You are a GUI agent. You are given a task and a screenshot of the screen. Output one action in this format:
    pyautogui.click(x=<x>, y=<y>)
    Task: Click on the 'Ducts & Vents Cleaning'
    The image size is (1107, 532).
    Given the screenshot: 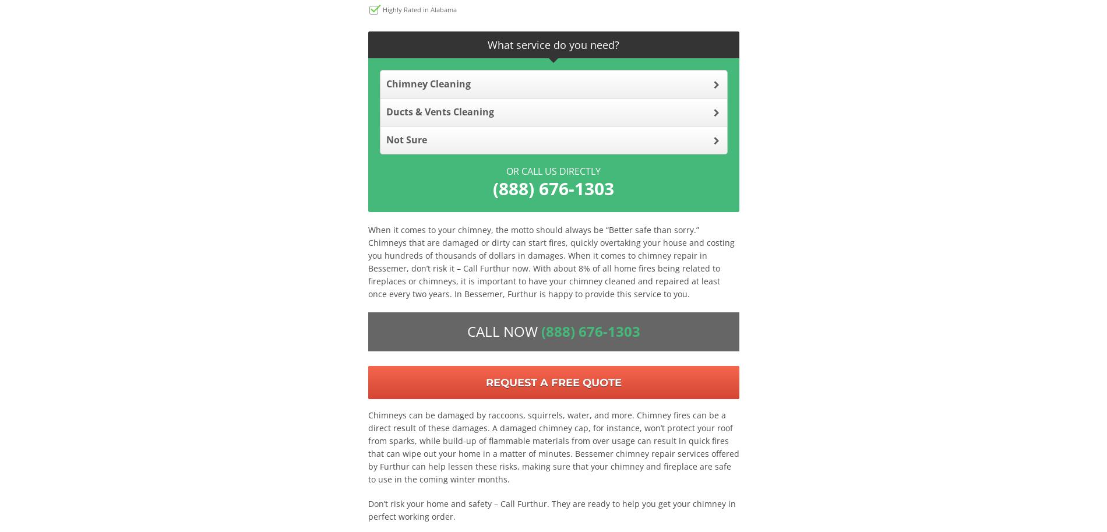 What is the action you would take?
    pyautogui.click(x=439, y=111)
    